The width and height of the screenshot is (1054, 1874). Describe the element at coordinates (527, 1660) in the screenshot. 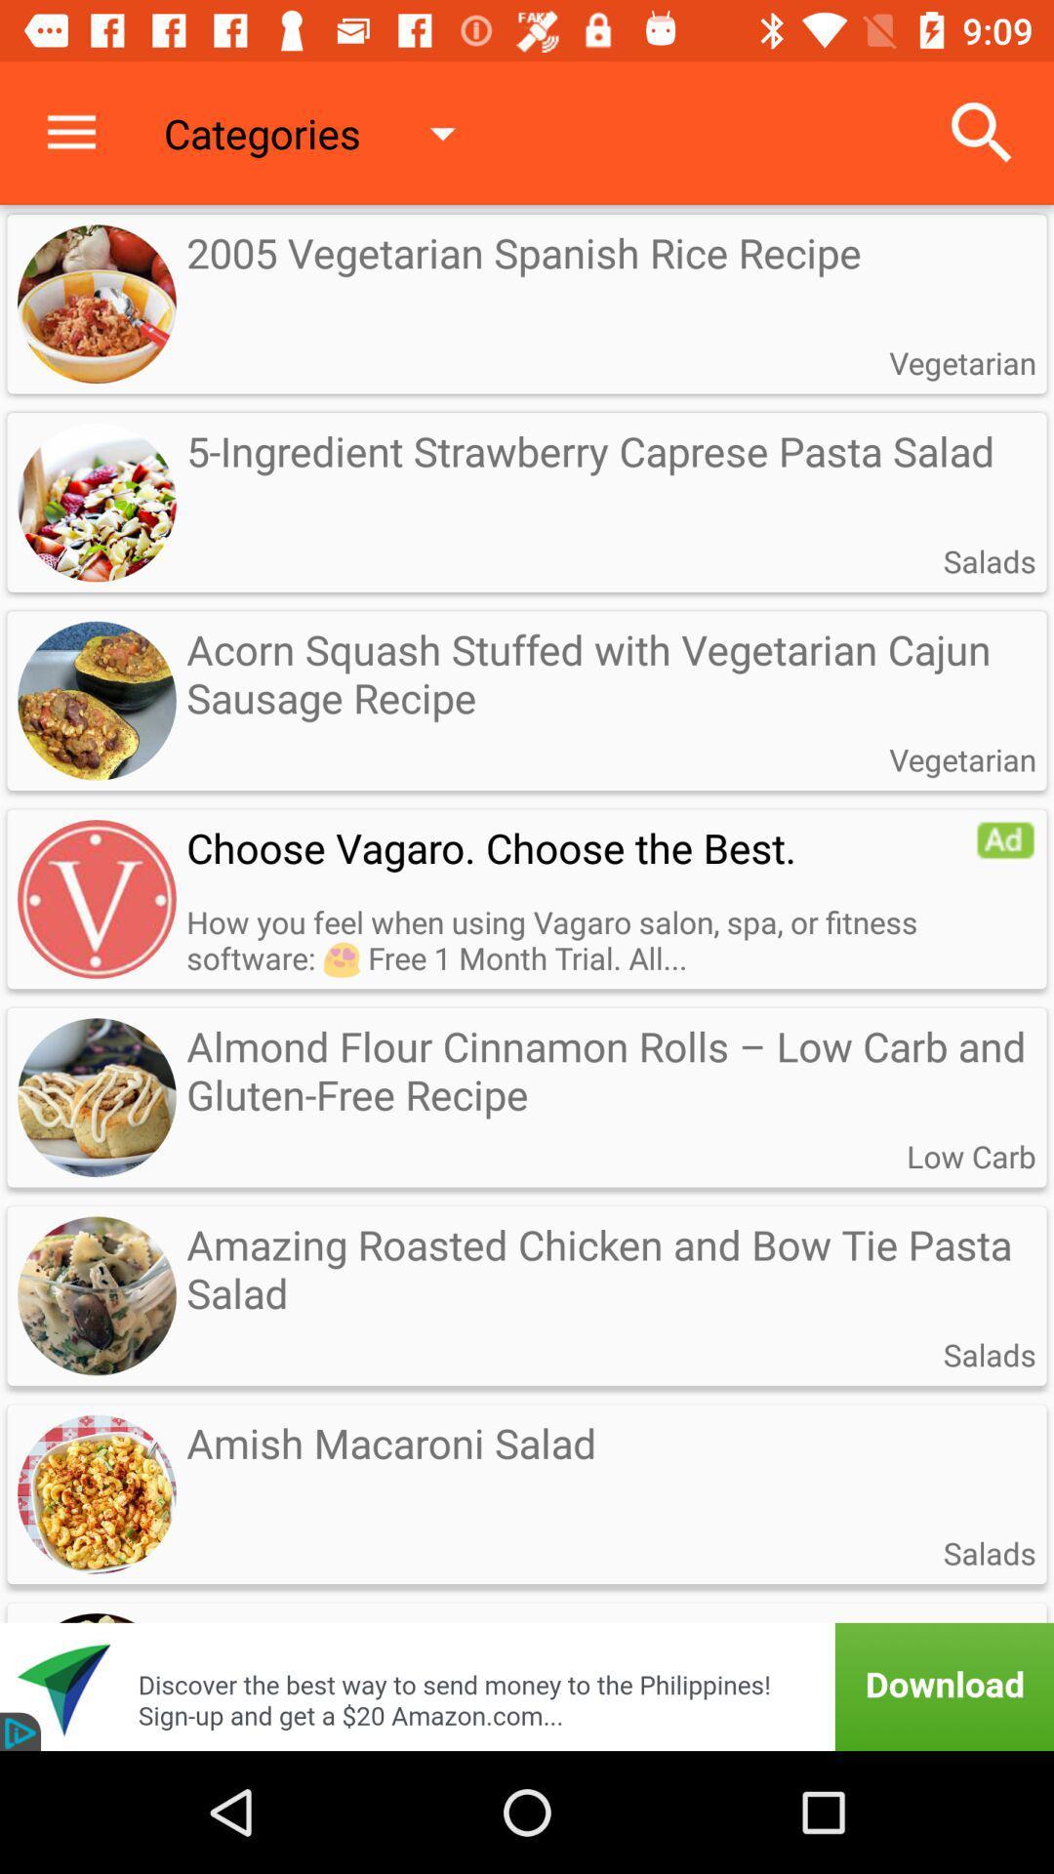

I see `advertisement` at that location.